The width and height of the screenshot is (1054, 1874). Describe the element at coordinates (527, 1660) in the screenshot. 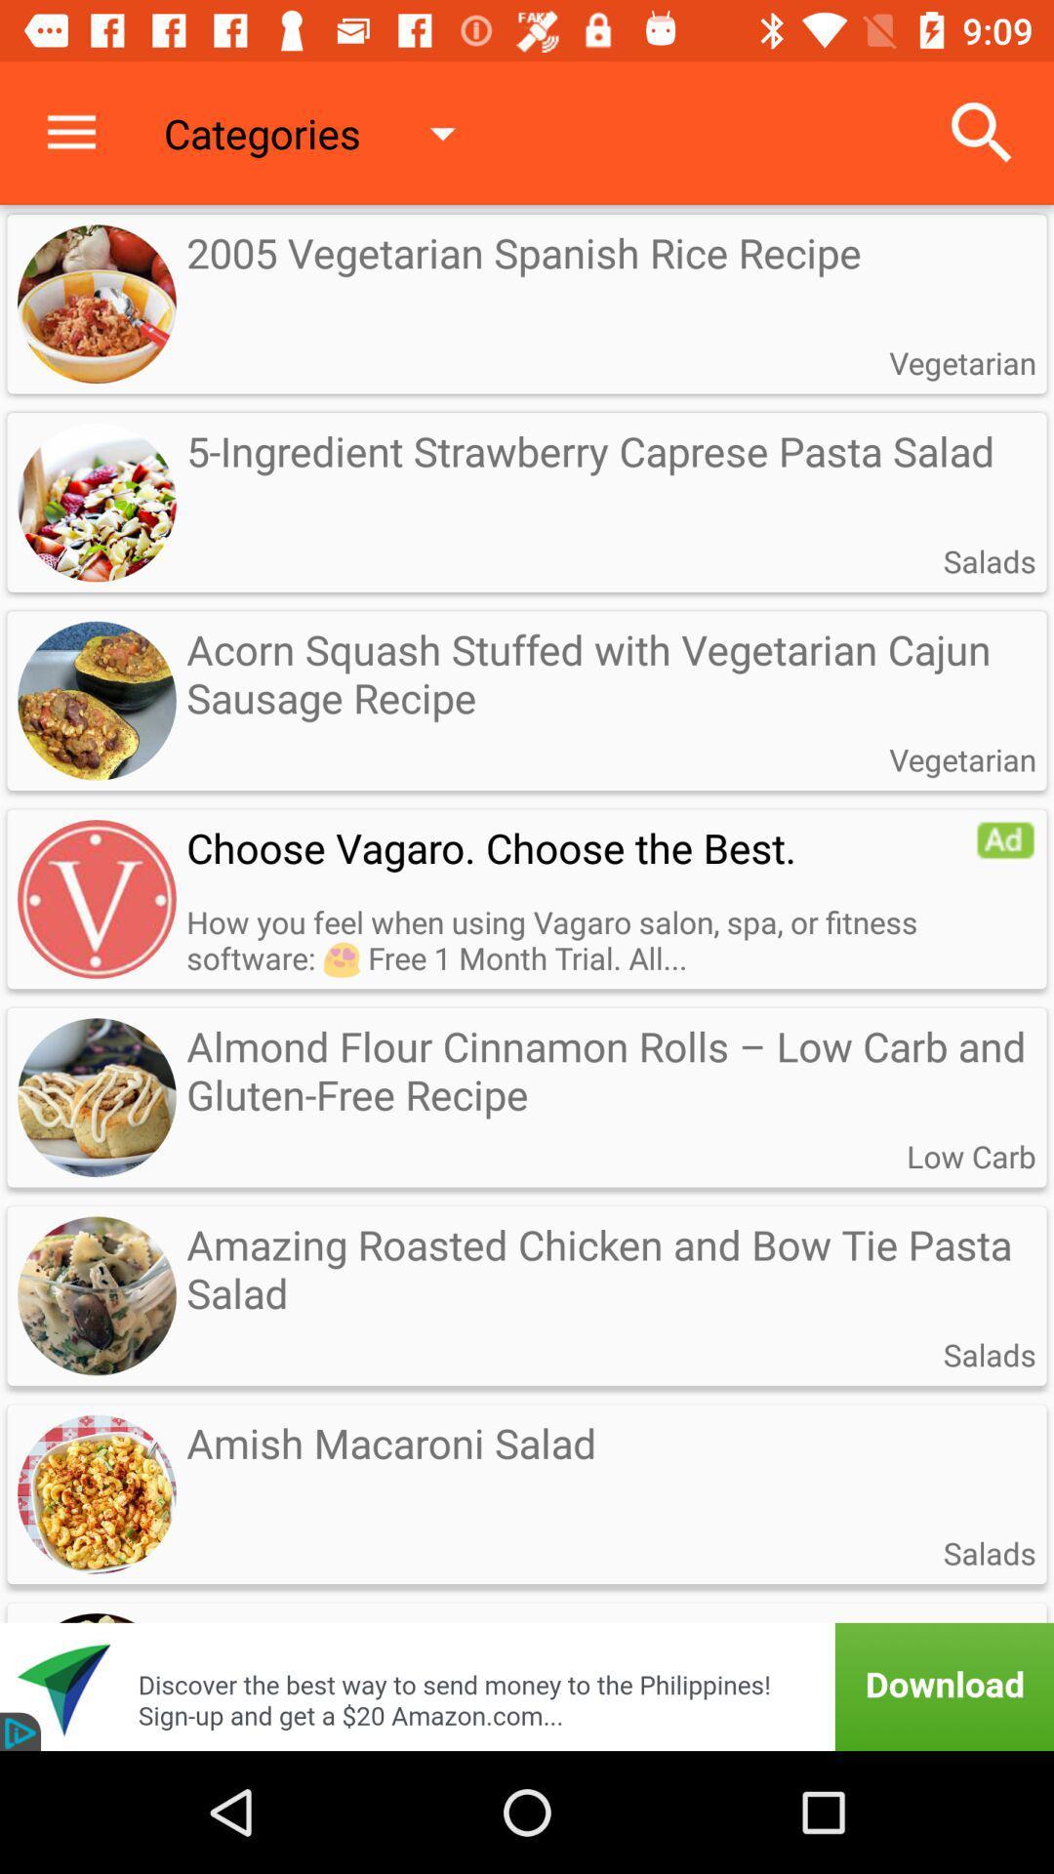

I see `advertisement` at that location.